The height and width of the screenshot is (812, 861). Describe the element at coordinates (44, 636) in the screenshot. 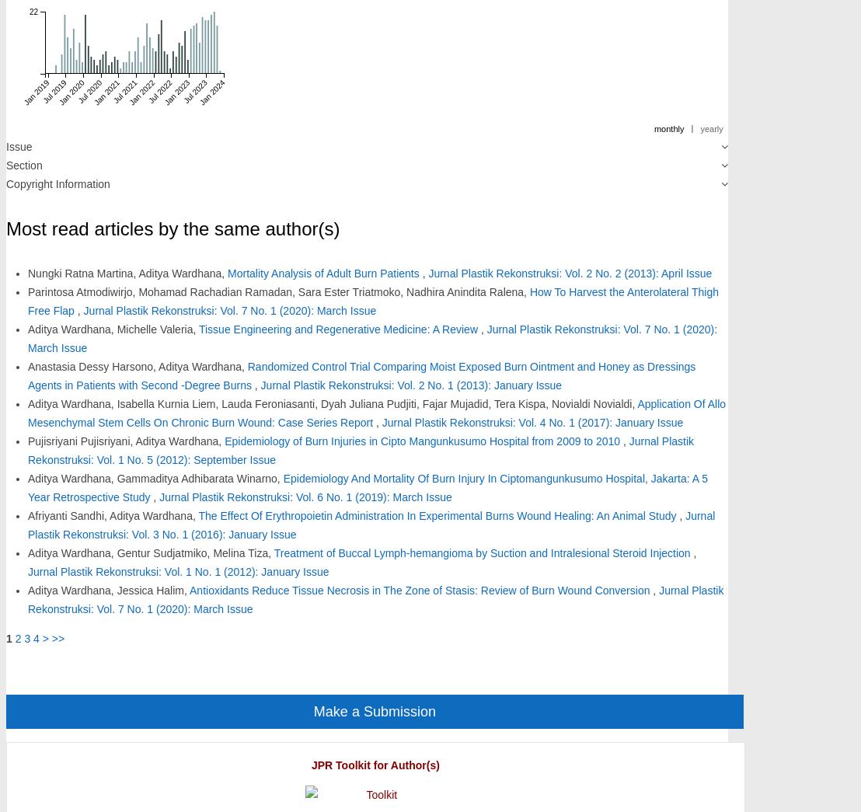

I see `'>'` at that location.